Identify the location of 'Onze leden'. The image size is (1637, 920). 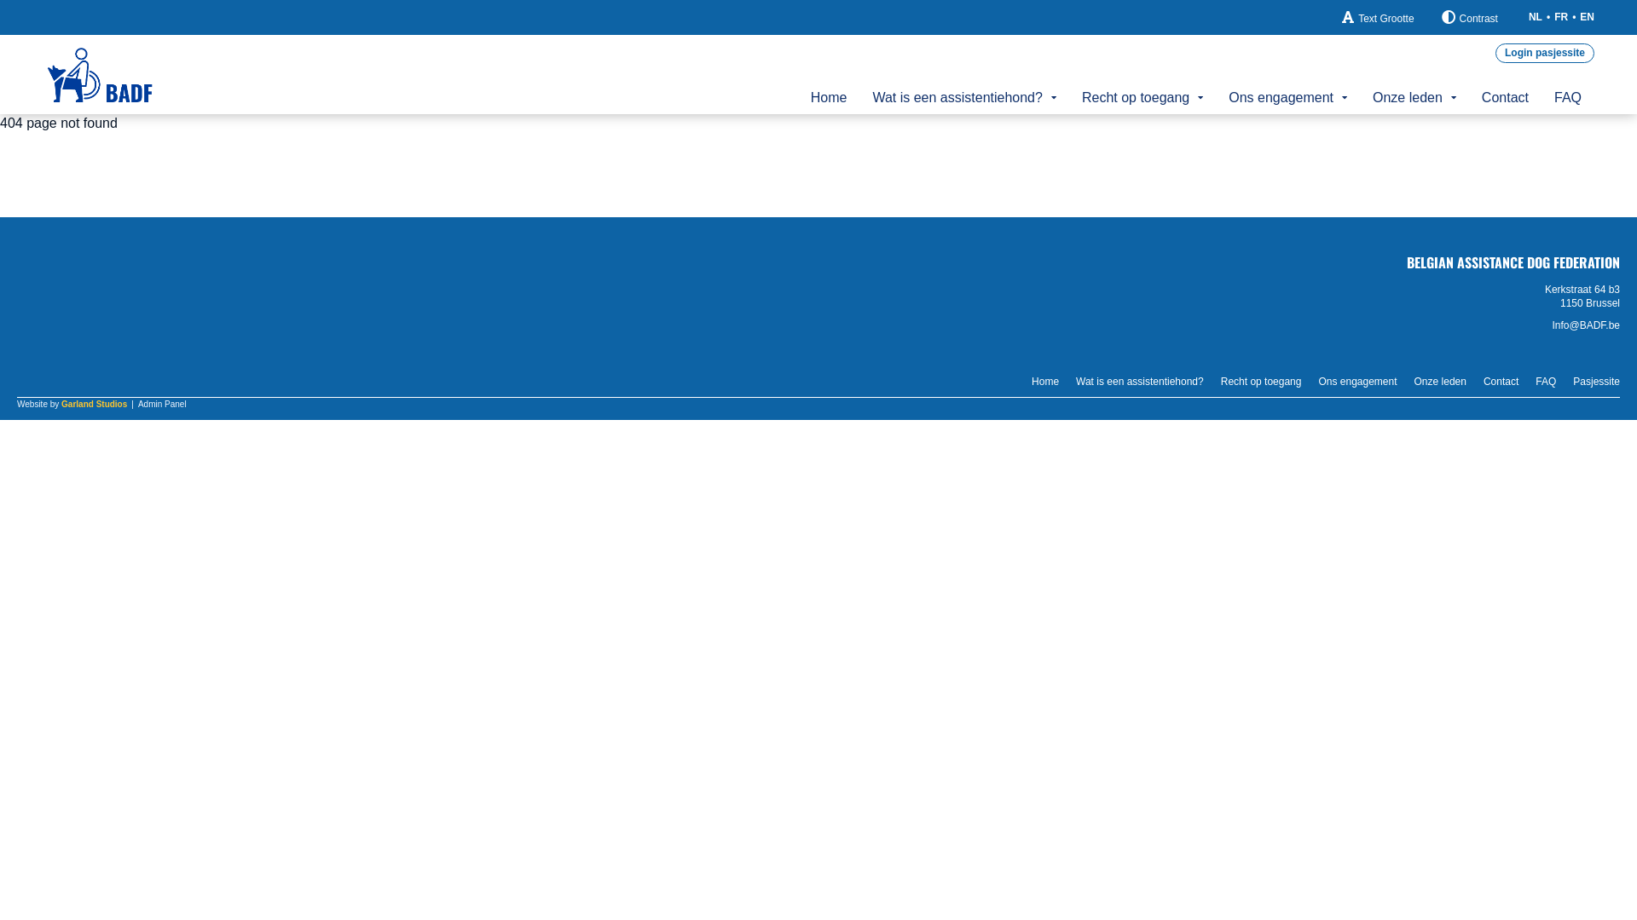
(1358, 97).